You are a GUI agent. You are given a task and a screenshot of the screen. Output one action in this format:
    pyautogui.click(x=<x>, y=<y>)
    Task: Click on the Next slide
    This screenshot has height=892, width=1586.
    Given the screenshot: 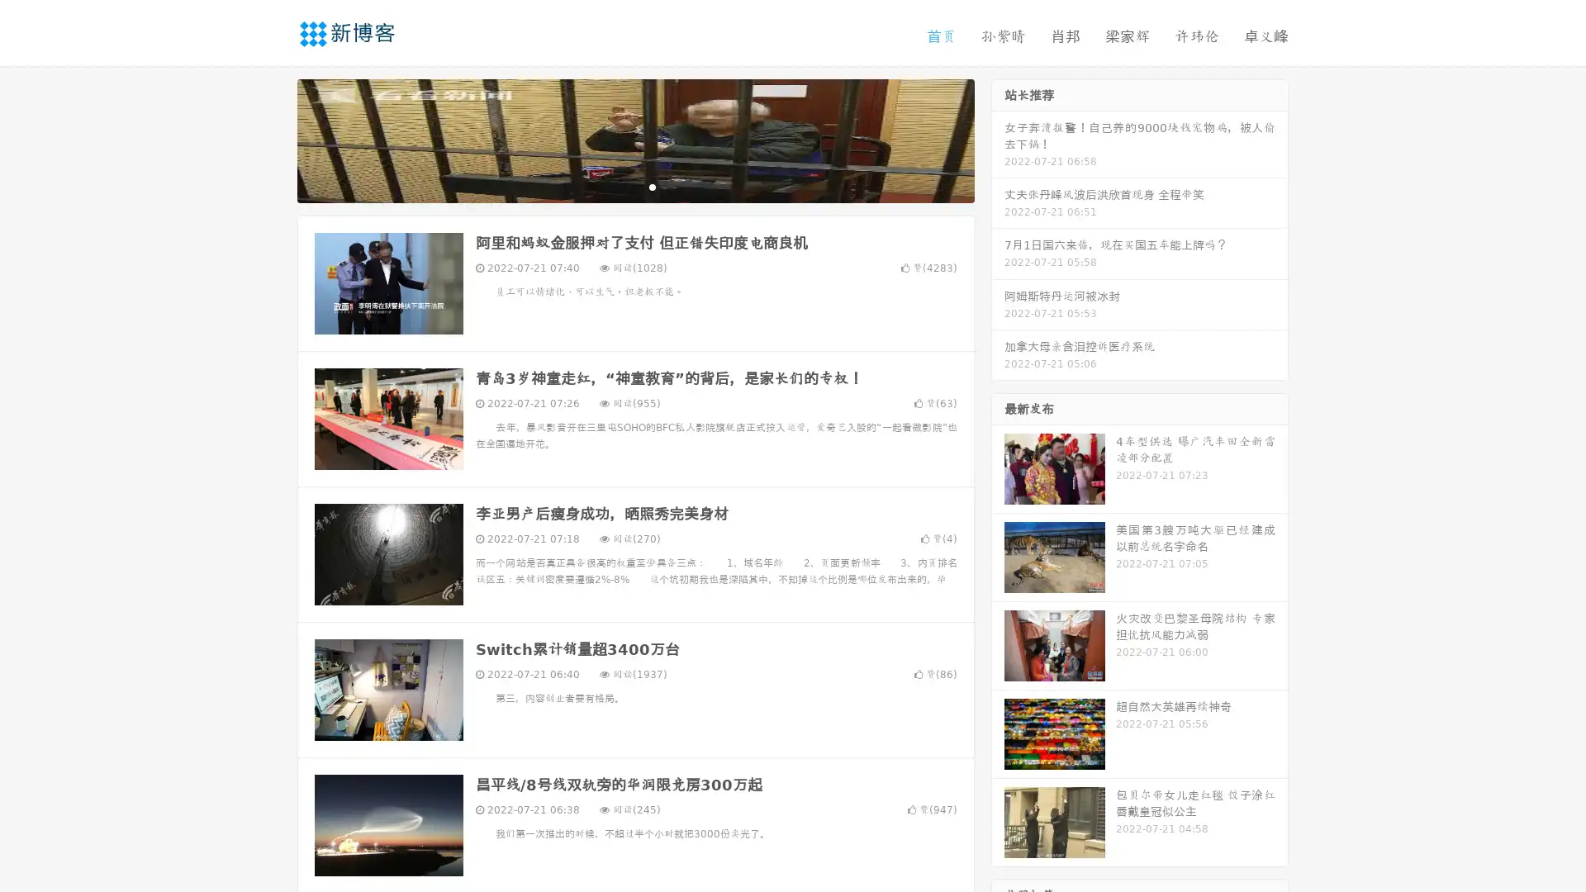 What is the action you would take?
    pyautogui.click(x=998, y=139)
    